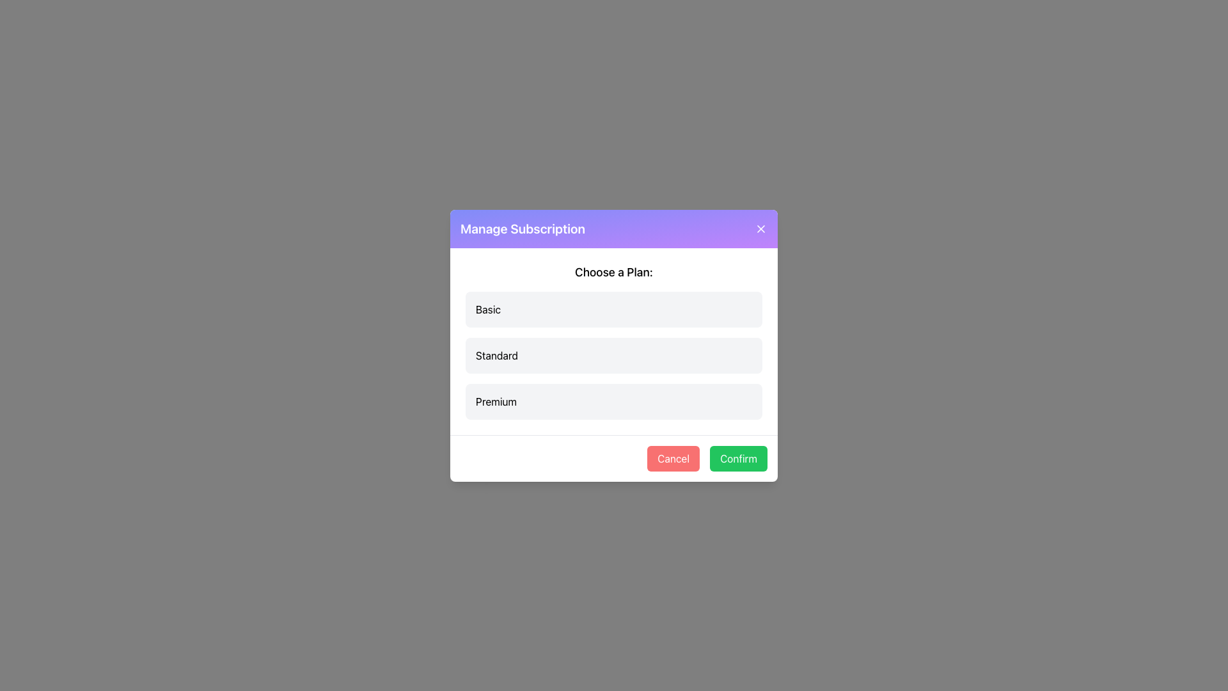 The width and height of the screenshot is (1228, 691). What do you see at coordinates (614, 345) in the screenshot?
I see `the subscription options in the 'Manage Subscription' modal dialog, which includes 'Basic,' 'Standard,' and 'Premium' plans` at bounding box center [614, 345].